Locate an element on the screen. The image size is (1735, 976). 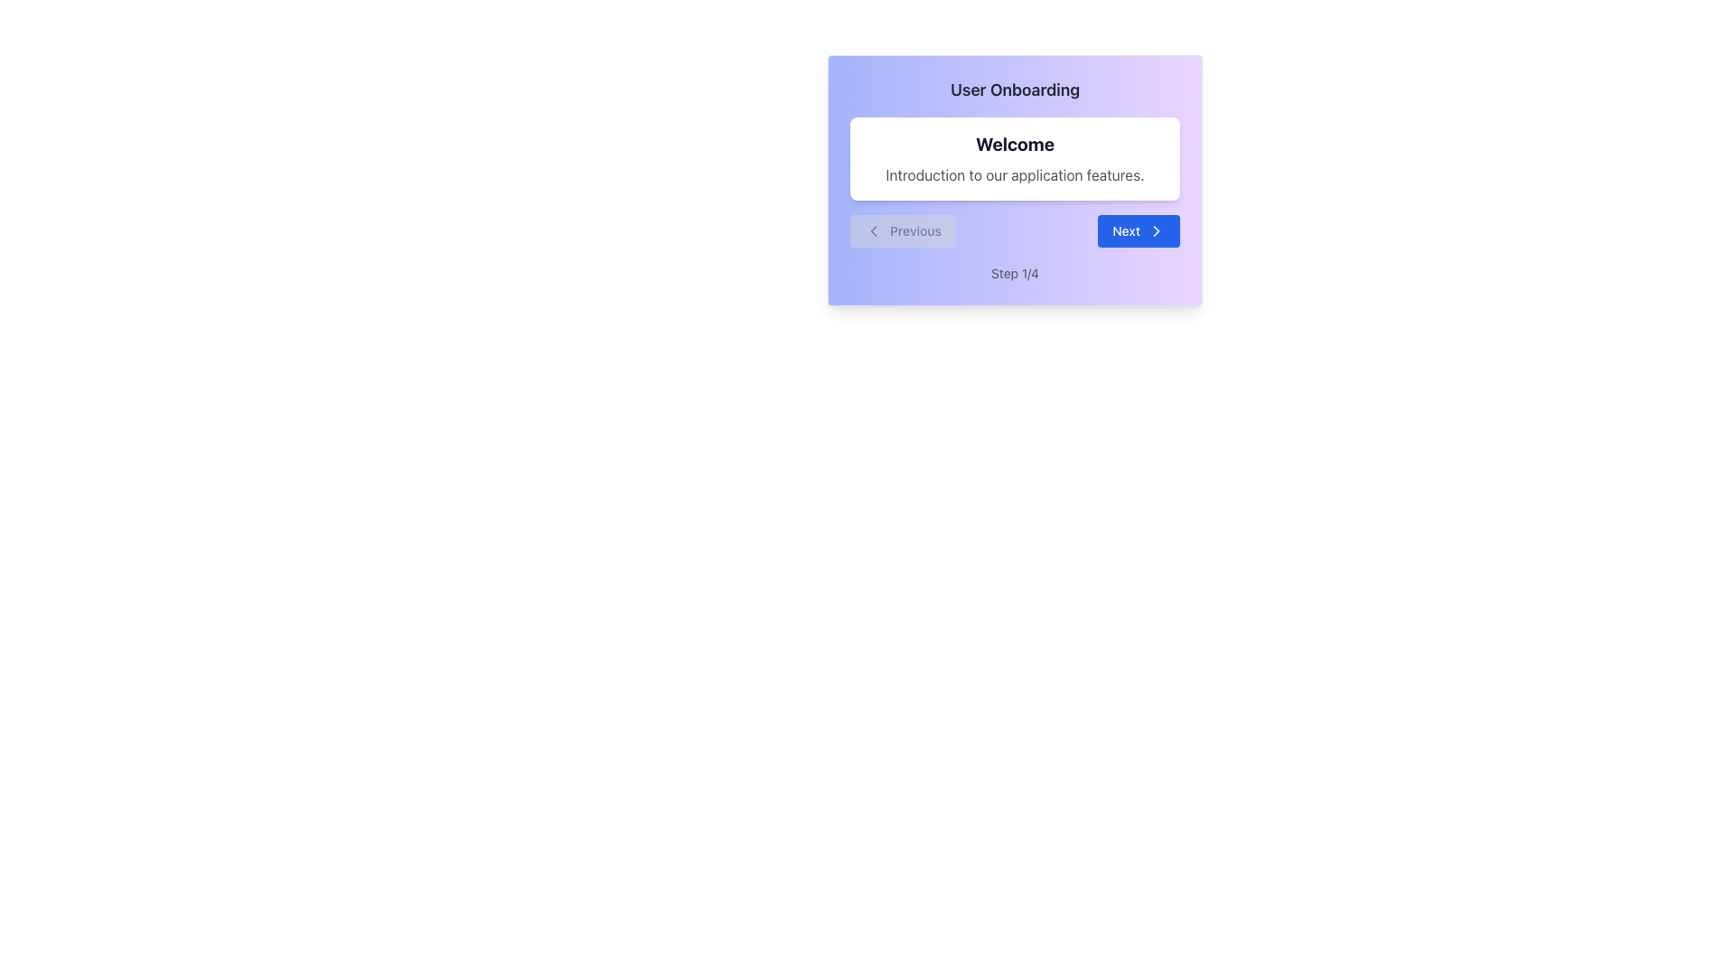
the leftward chevron icon inside the 'Previous' button is located at coordinates (873, 230).